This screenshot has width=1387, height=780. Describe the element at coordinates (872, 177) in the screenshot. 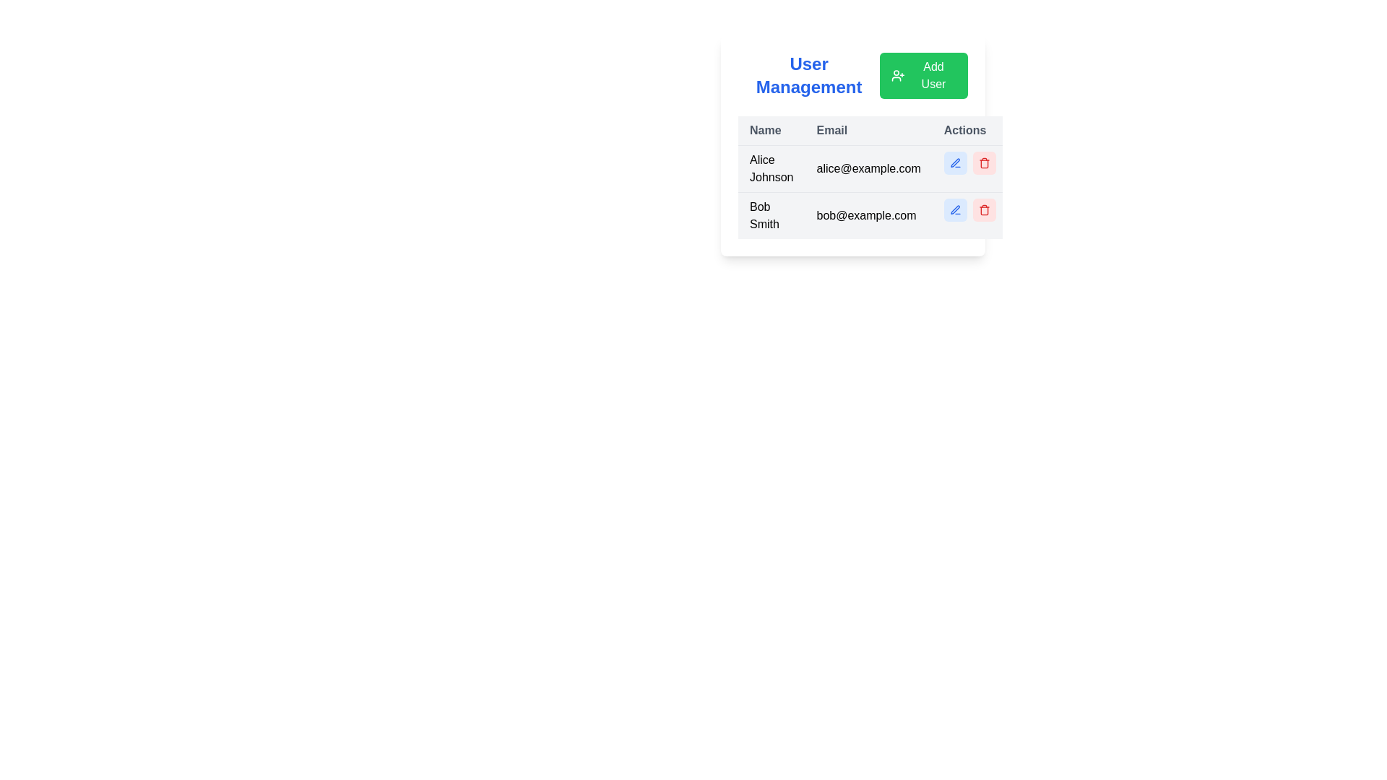

I see `the user details row` at that location.